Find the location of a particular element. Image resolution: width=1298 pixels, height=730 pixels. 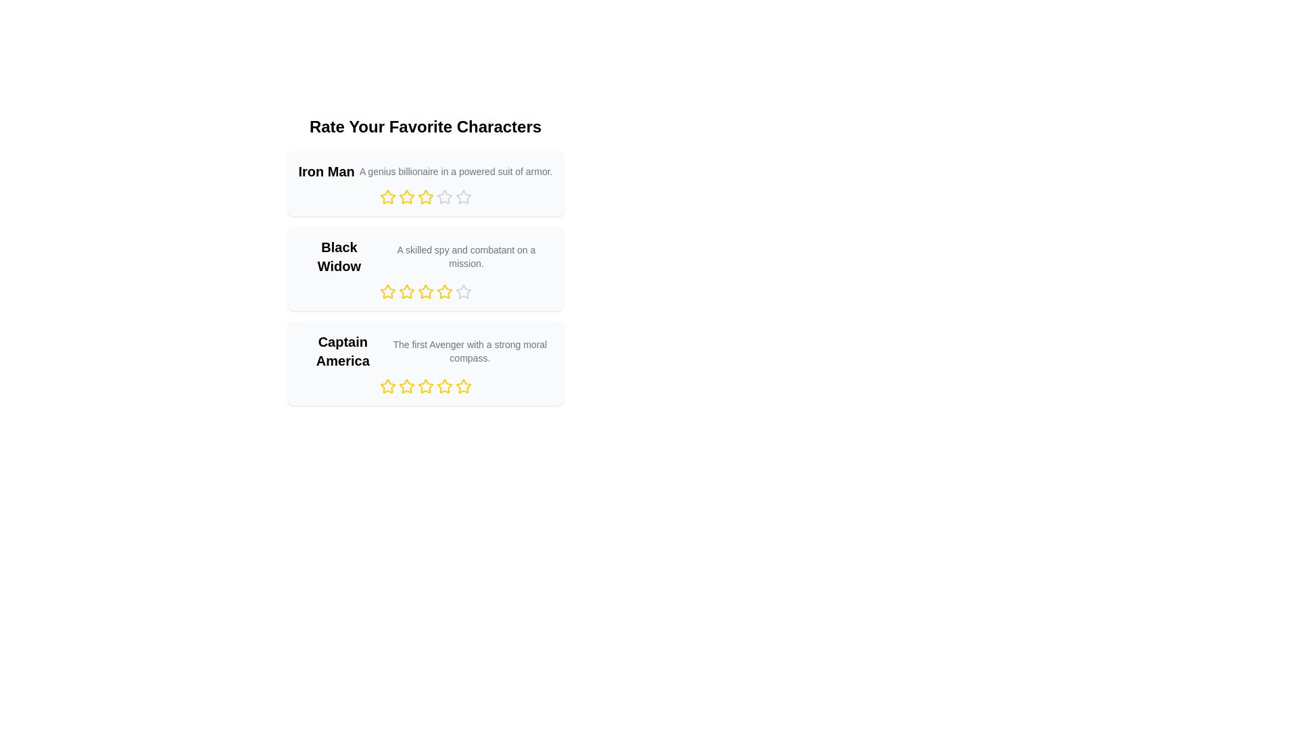

the Rating component with clickable stars for the Black Widow item is located at coordinates (425, 291).